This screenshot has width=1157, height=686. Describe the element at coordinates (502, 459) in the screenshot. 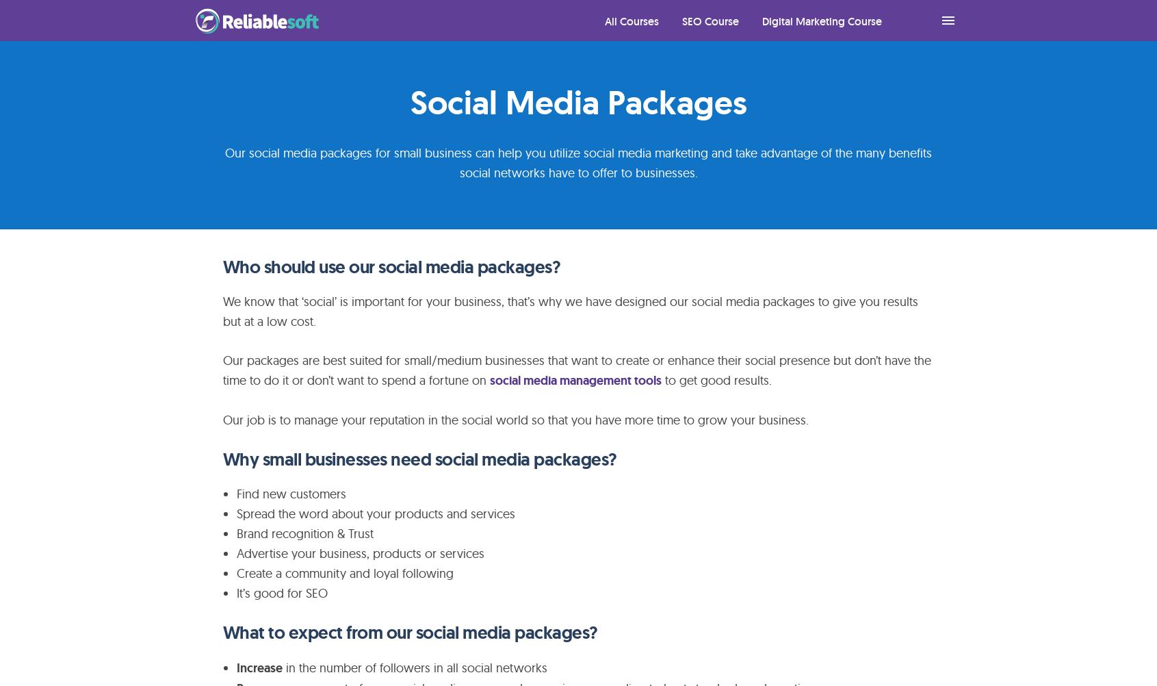

I see `'need social media packages?'` at that location.